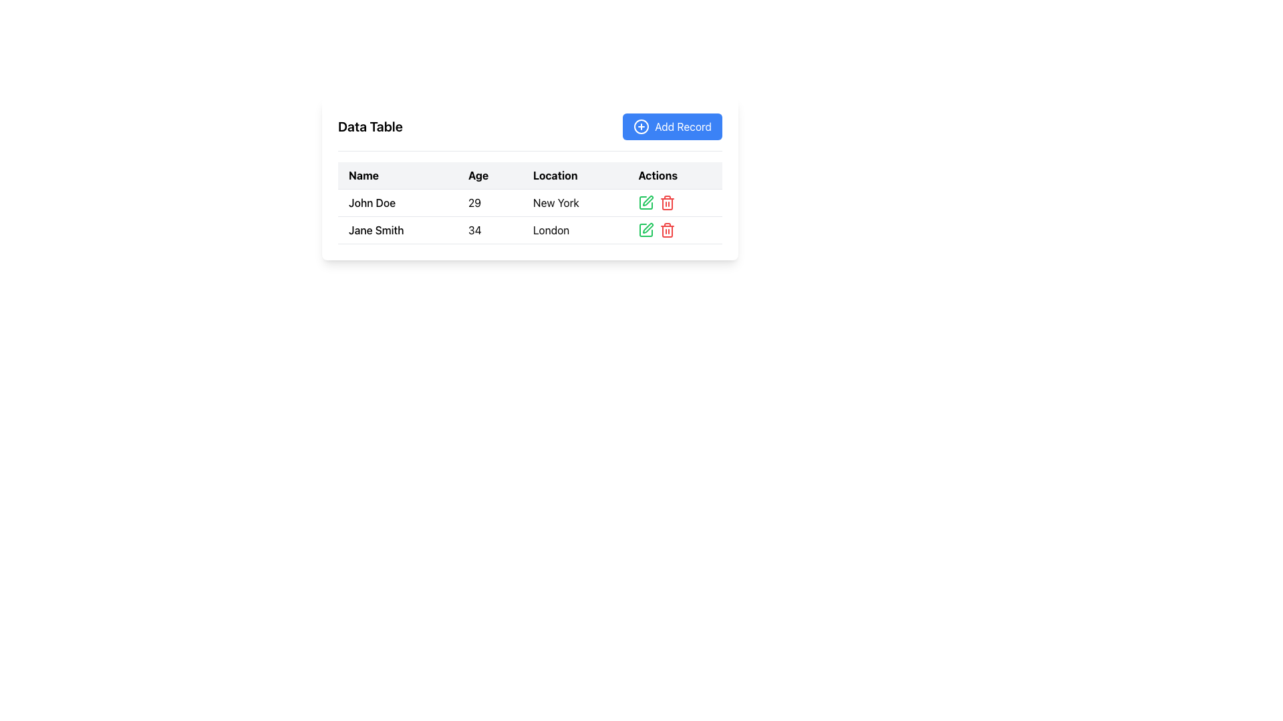 The image size is (1283, 721). Describe the element at coordinates (675, 175) in the screenshot. I see `the 'Actions' text label, which is the fourth column header in a table header row, styled with bold black text on a gray background` at that location.